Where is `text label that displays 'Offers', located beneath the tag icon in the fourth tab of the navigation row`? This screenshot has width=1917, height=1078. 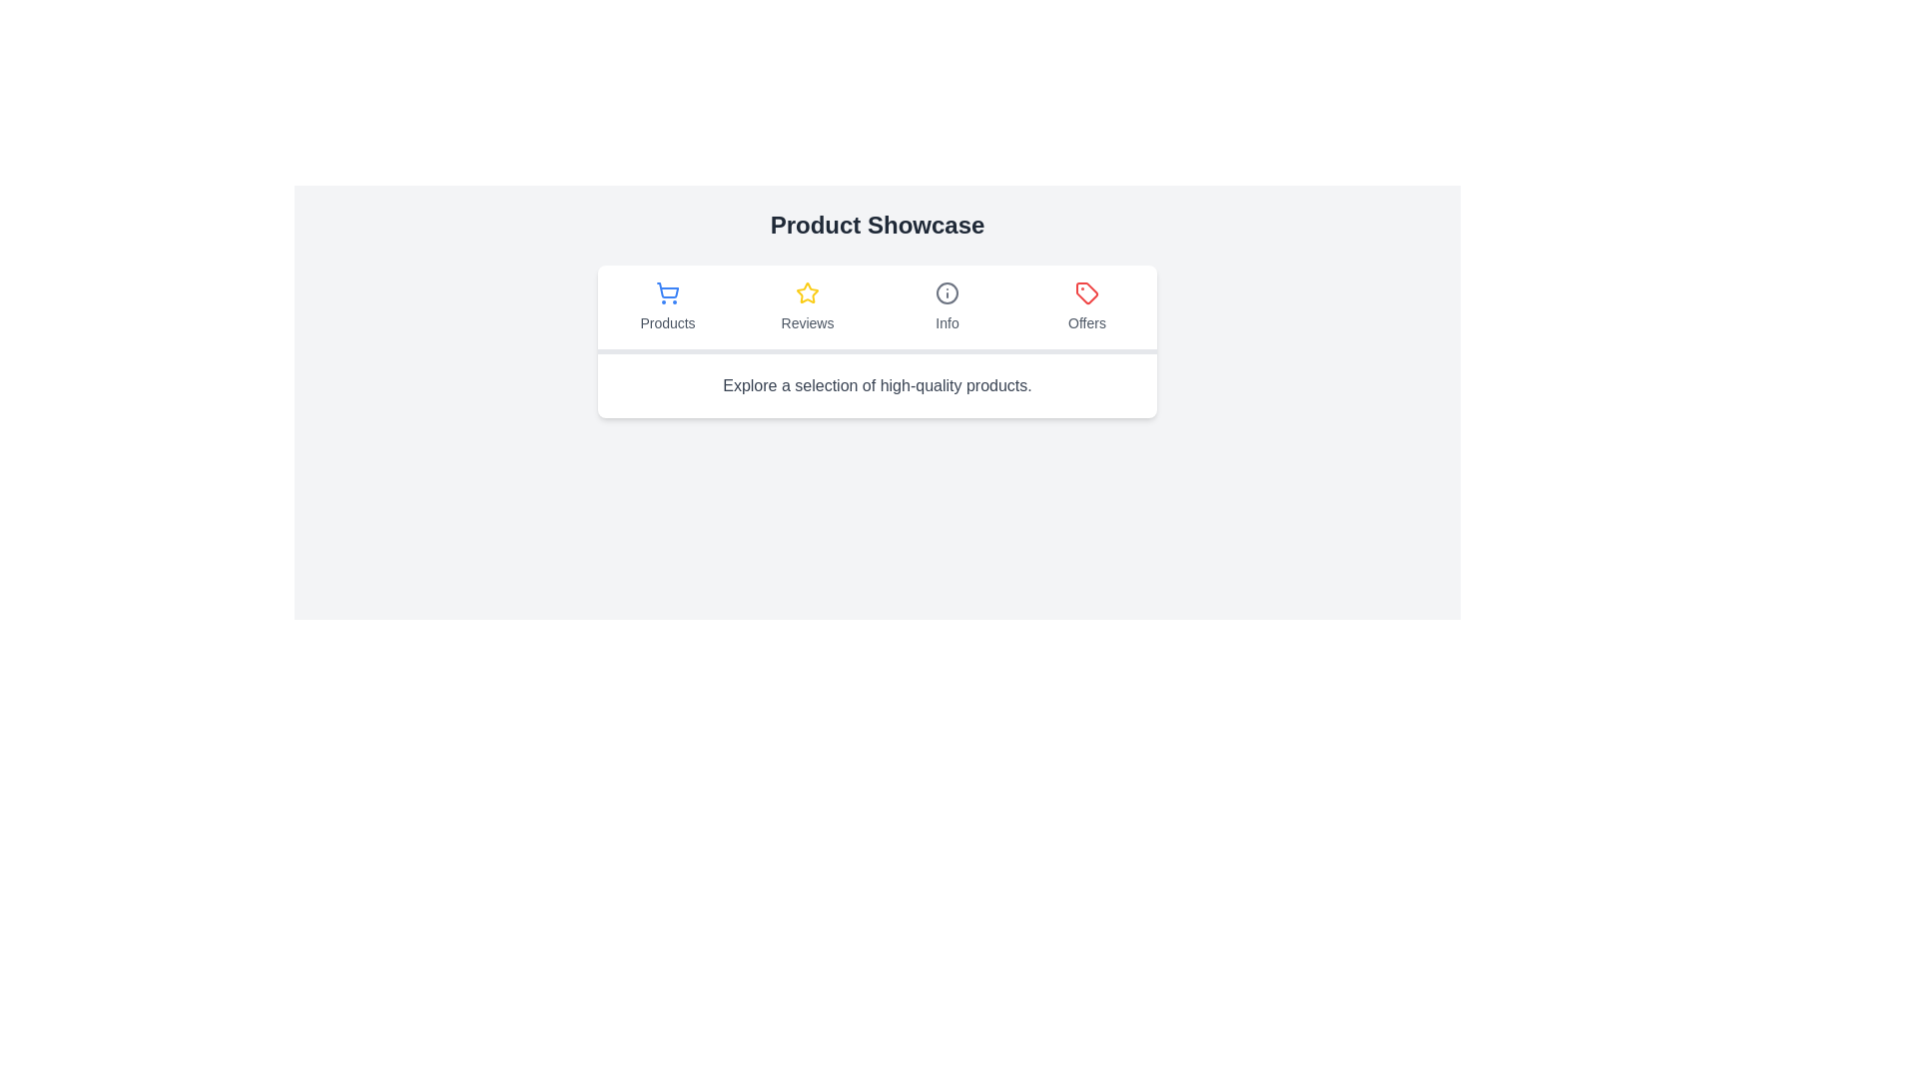
text label that displays 'Offers', located beneath the tag icon in the fourth tab of the navigation row is located at coordinates (1086, 322).